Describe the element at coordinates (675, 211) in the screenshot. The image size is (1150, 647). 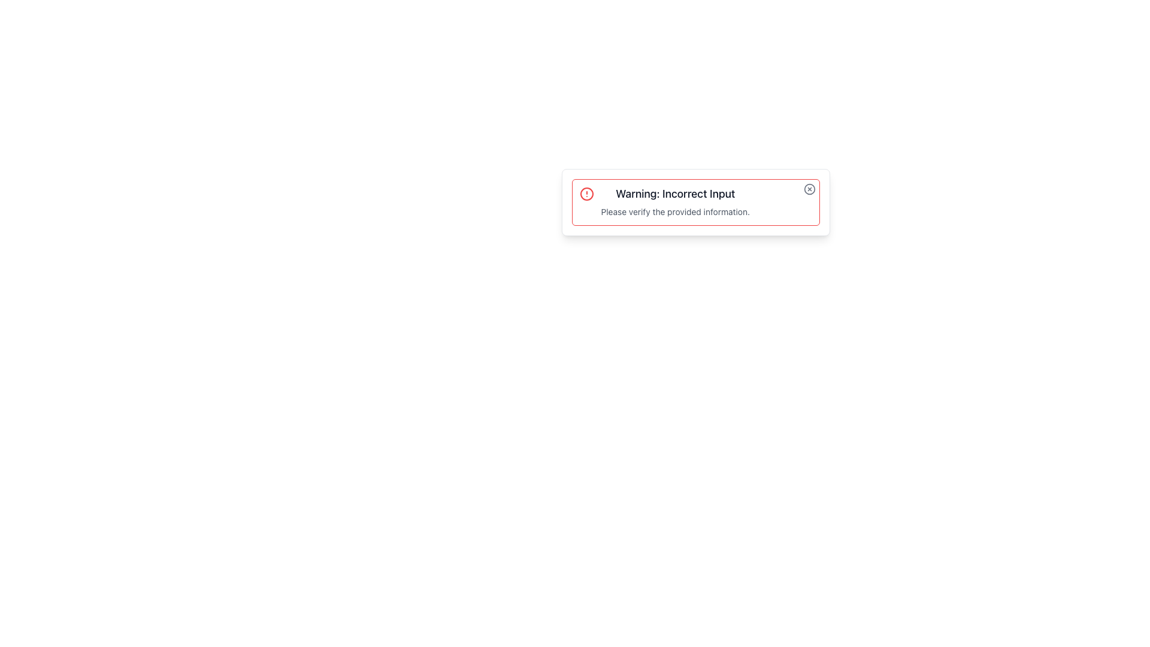
I see `informational message that guides the user to verify the input data, located as the second line in the warning box following 'Warning: Incorrect Input.'` at that location.